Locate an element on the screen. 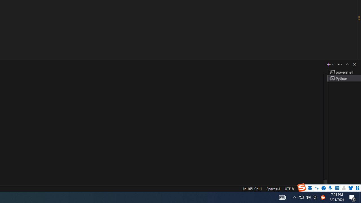 Image resolution: width=361 pixels, height=203 pixels. 'Spaces: 4' is located at coordinates (273, 188).